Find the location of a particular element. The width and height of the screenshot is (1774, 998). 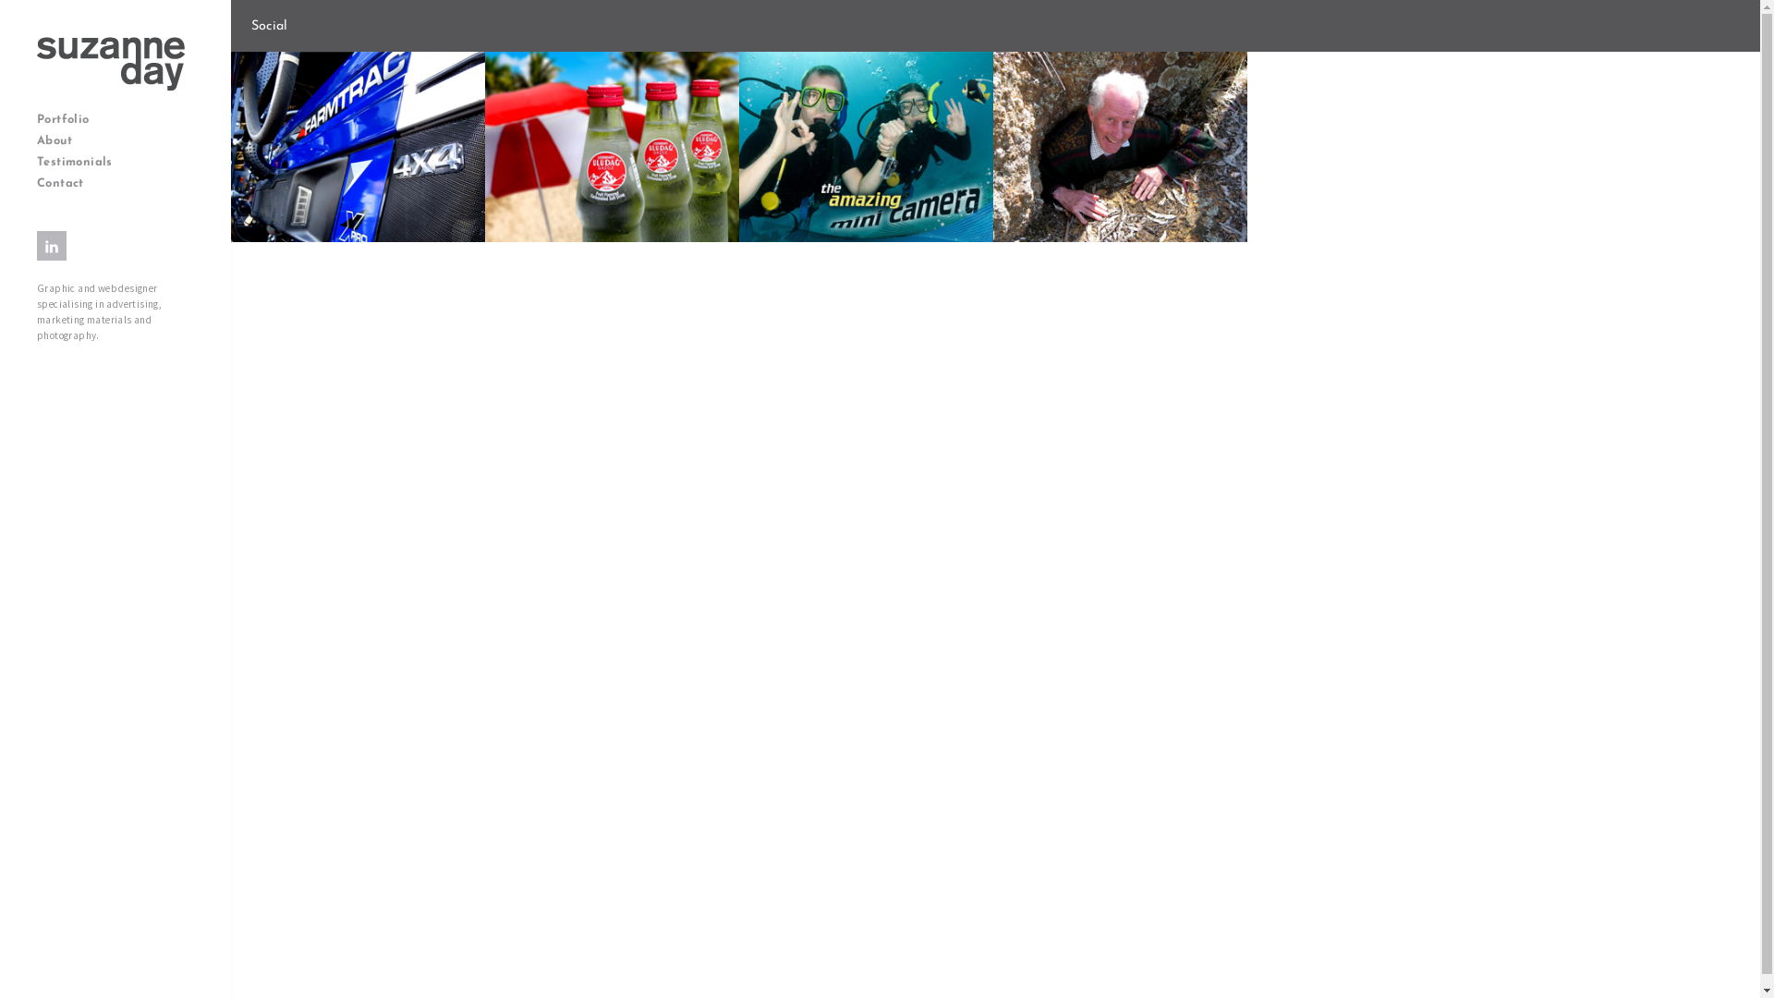

'Kaiser Baas' is located at coordinates (865, 145).